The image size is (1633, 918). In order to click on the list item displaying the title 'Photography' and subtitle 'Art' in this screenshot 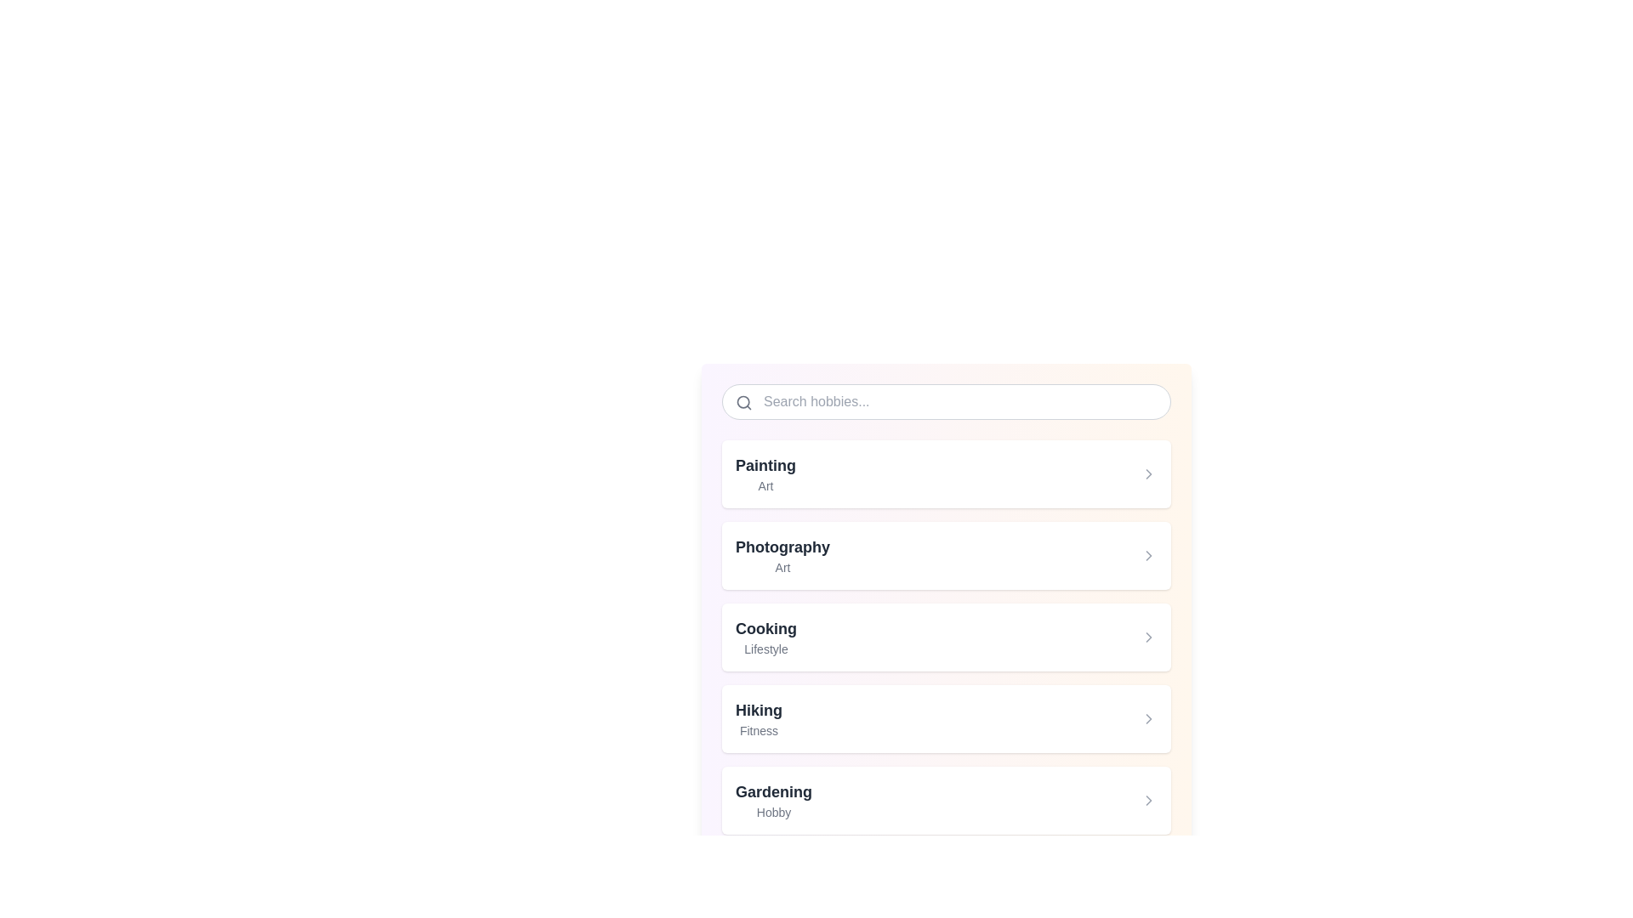, I will do `click(782, 556)`.